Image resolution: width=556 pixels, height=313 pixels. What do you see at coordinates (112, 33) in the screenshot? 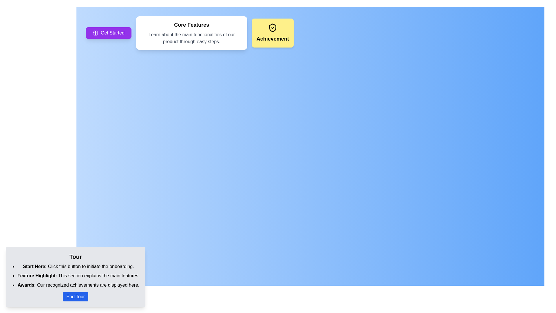
I see `the 'Get Started' text label which is displayed in white font on a prominent purple button with rounded edges` at bounding box center [112, 33].